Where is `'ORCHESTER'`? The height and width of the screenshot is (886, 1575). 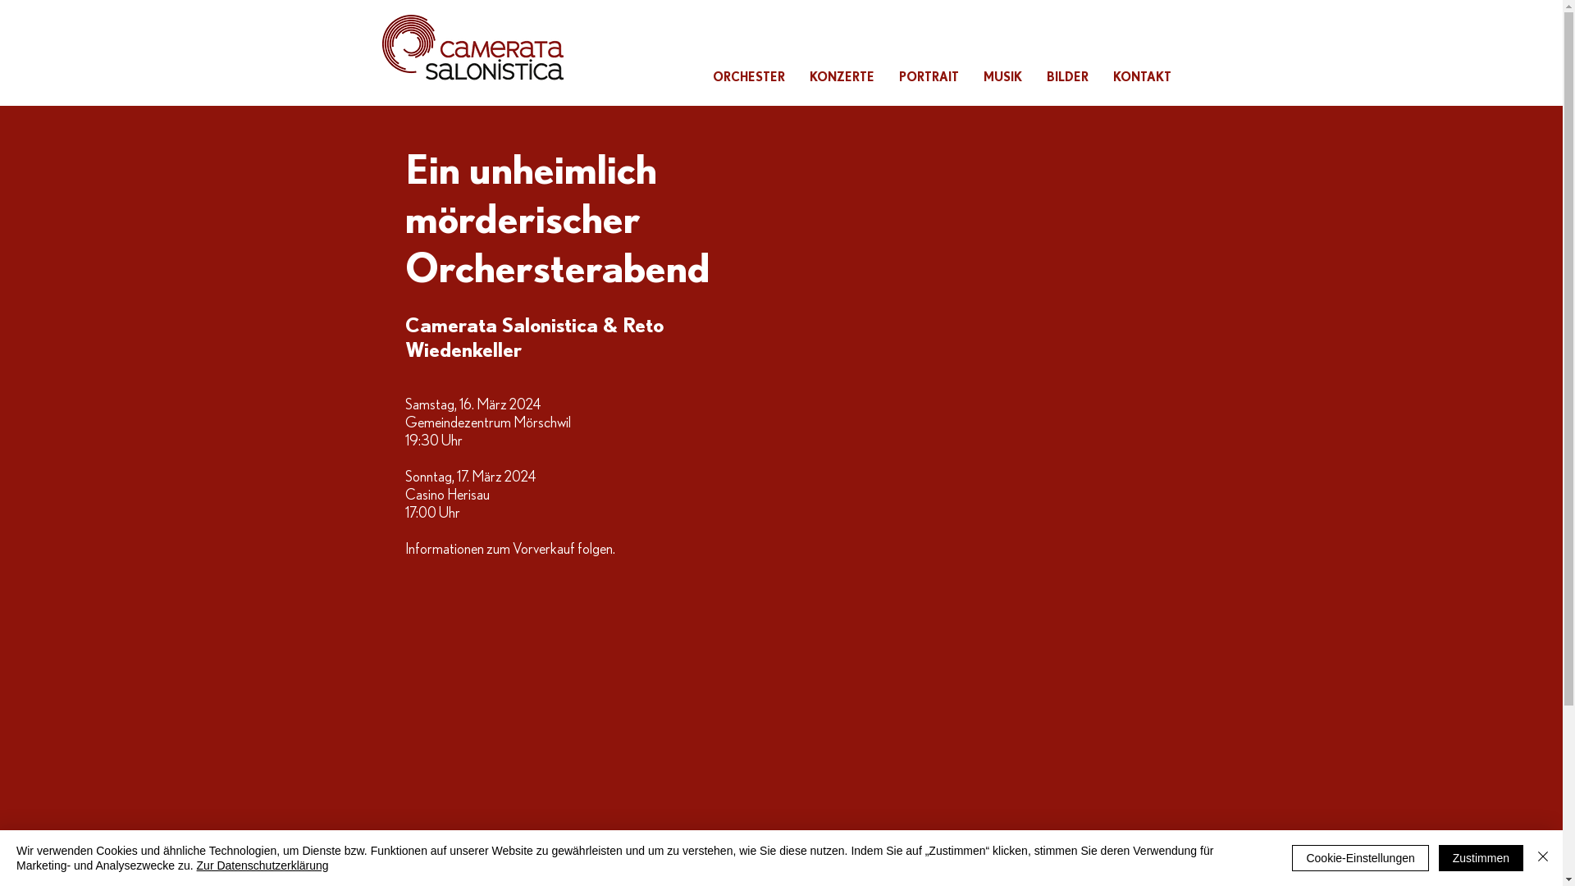
'ORCHESTER' is located at coordinates (747, 77).